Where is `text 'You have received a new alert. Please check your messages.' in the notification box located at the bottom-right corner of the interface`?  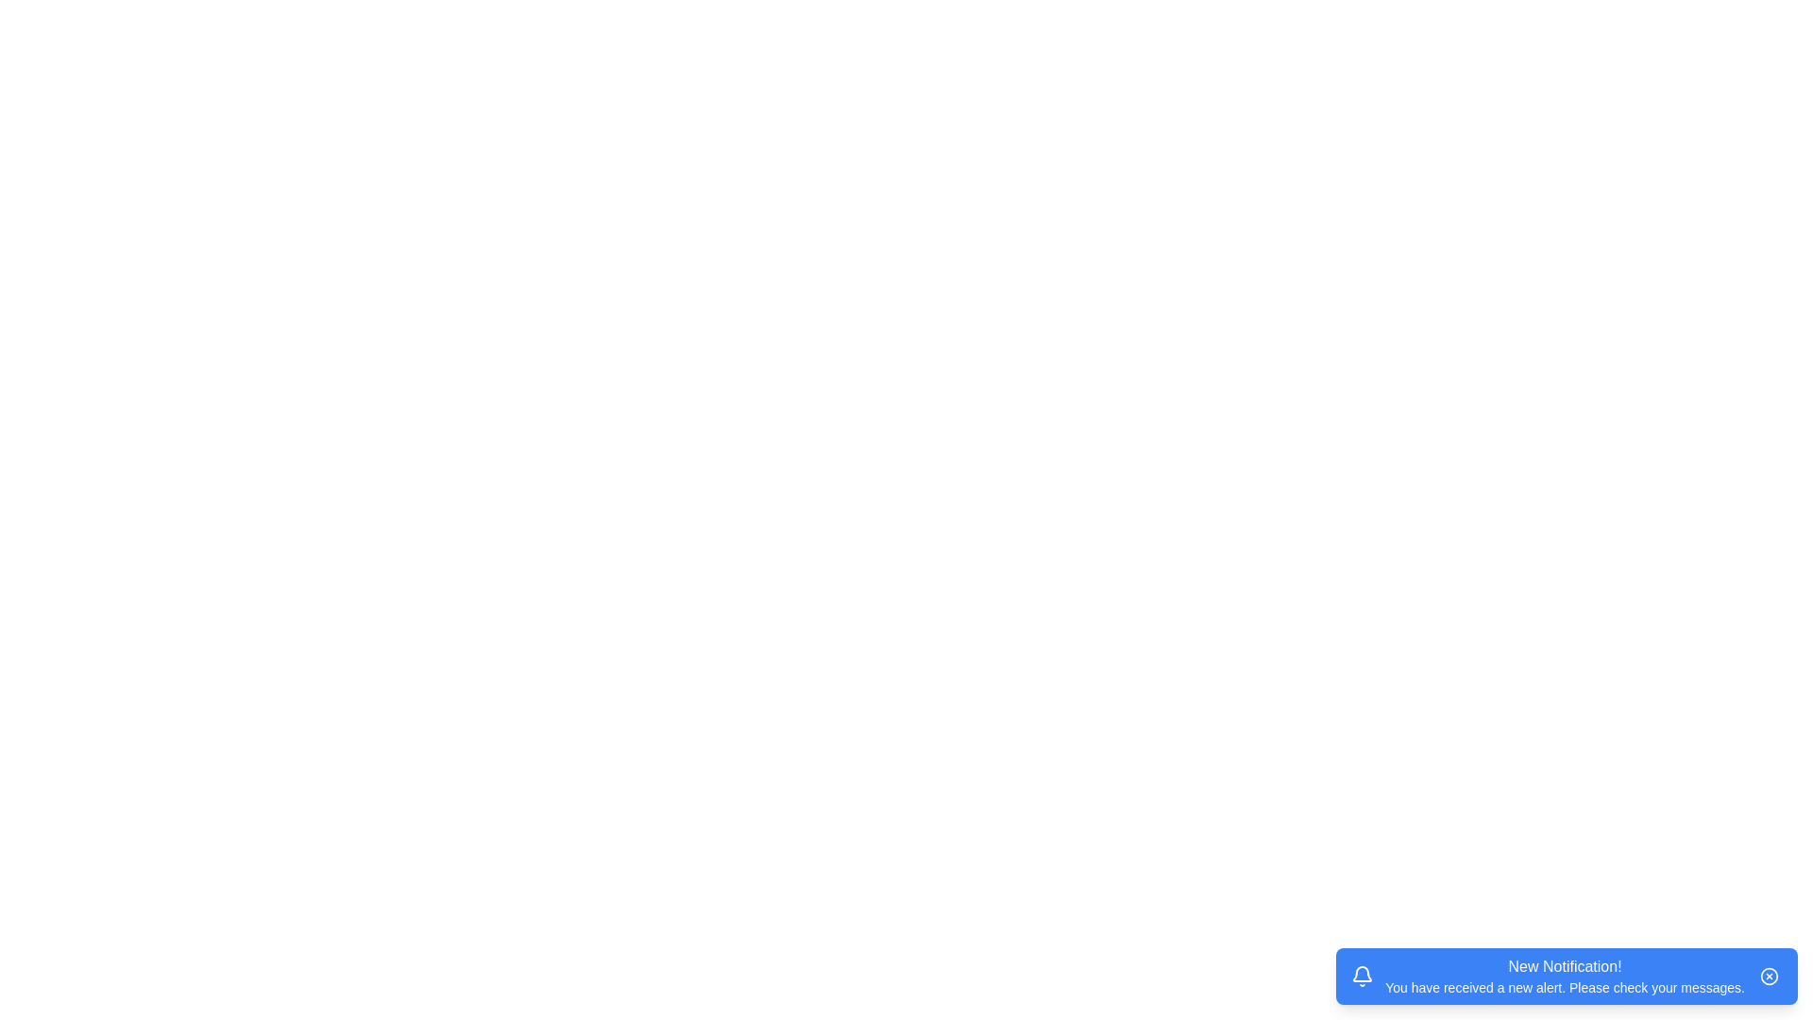 text 'You have received a new alert. Please check your messages.' in the notification box located at the bottom-right corner of the interface is located at coordinates (1565, 986).